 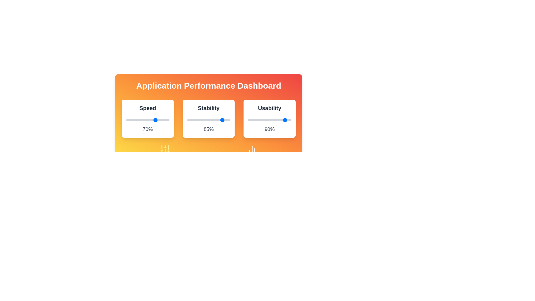 What do you see at coordinates (165, 149) in the screenshot?
I see `the icon button labeled Sliders below the metrics` at bounding box center [165, 149].